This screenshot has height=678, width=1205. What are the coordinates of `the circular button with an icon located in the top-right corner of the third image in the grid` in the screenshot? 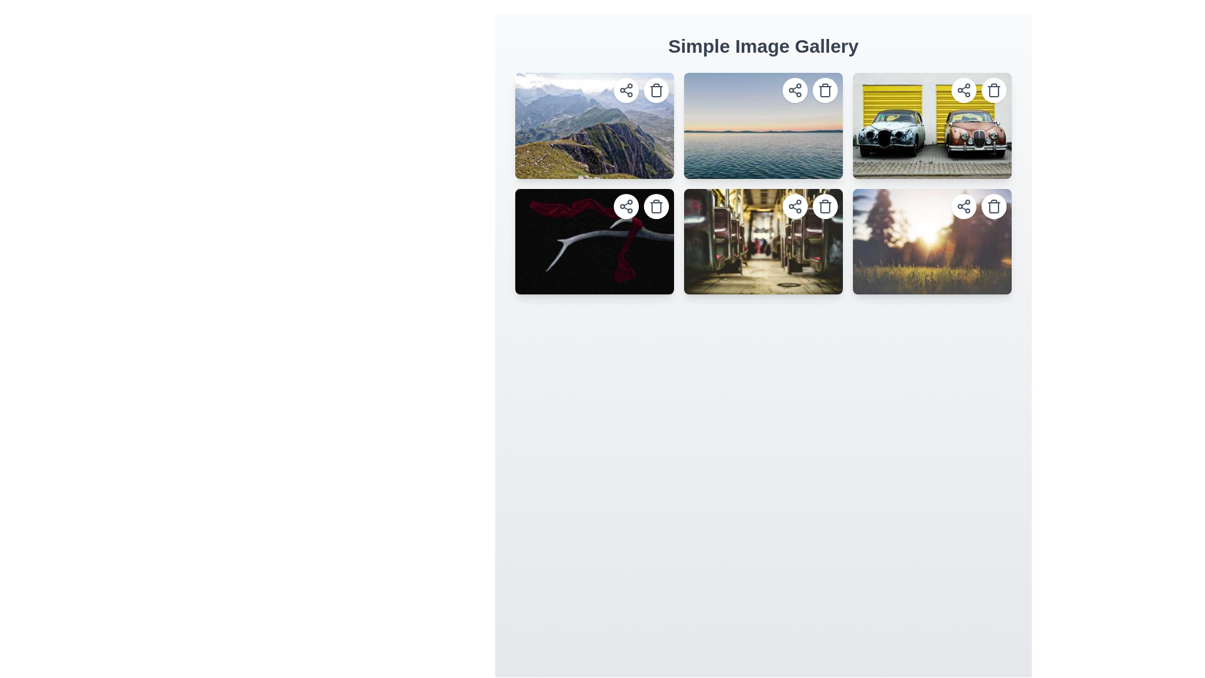 It's located at (993, 89).